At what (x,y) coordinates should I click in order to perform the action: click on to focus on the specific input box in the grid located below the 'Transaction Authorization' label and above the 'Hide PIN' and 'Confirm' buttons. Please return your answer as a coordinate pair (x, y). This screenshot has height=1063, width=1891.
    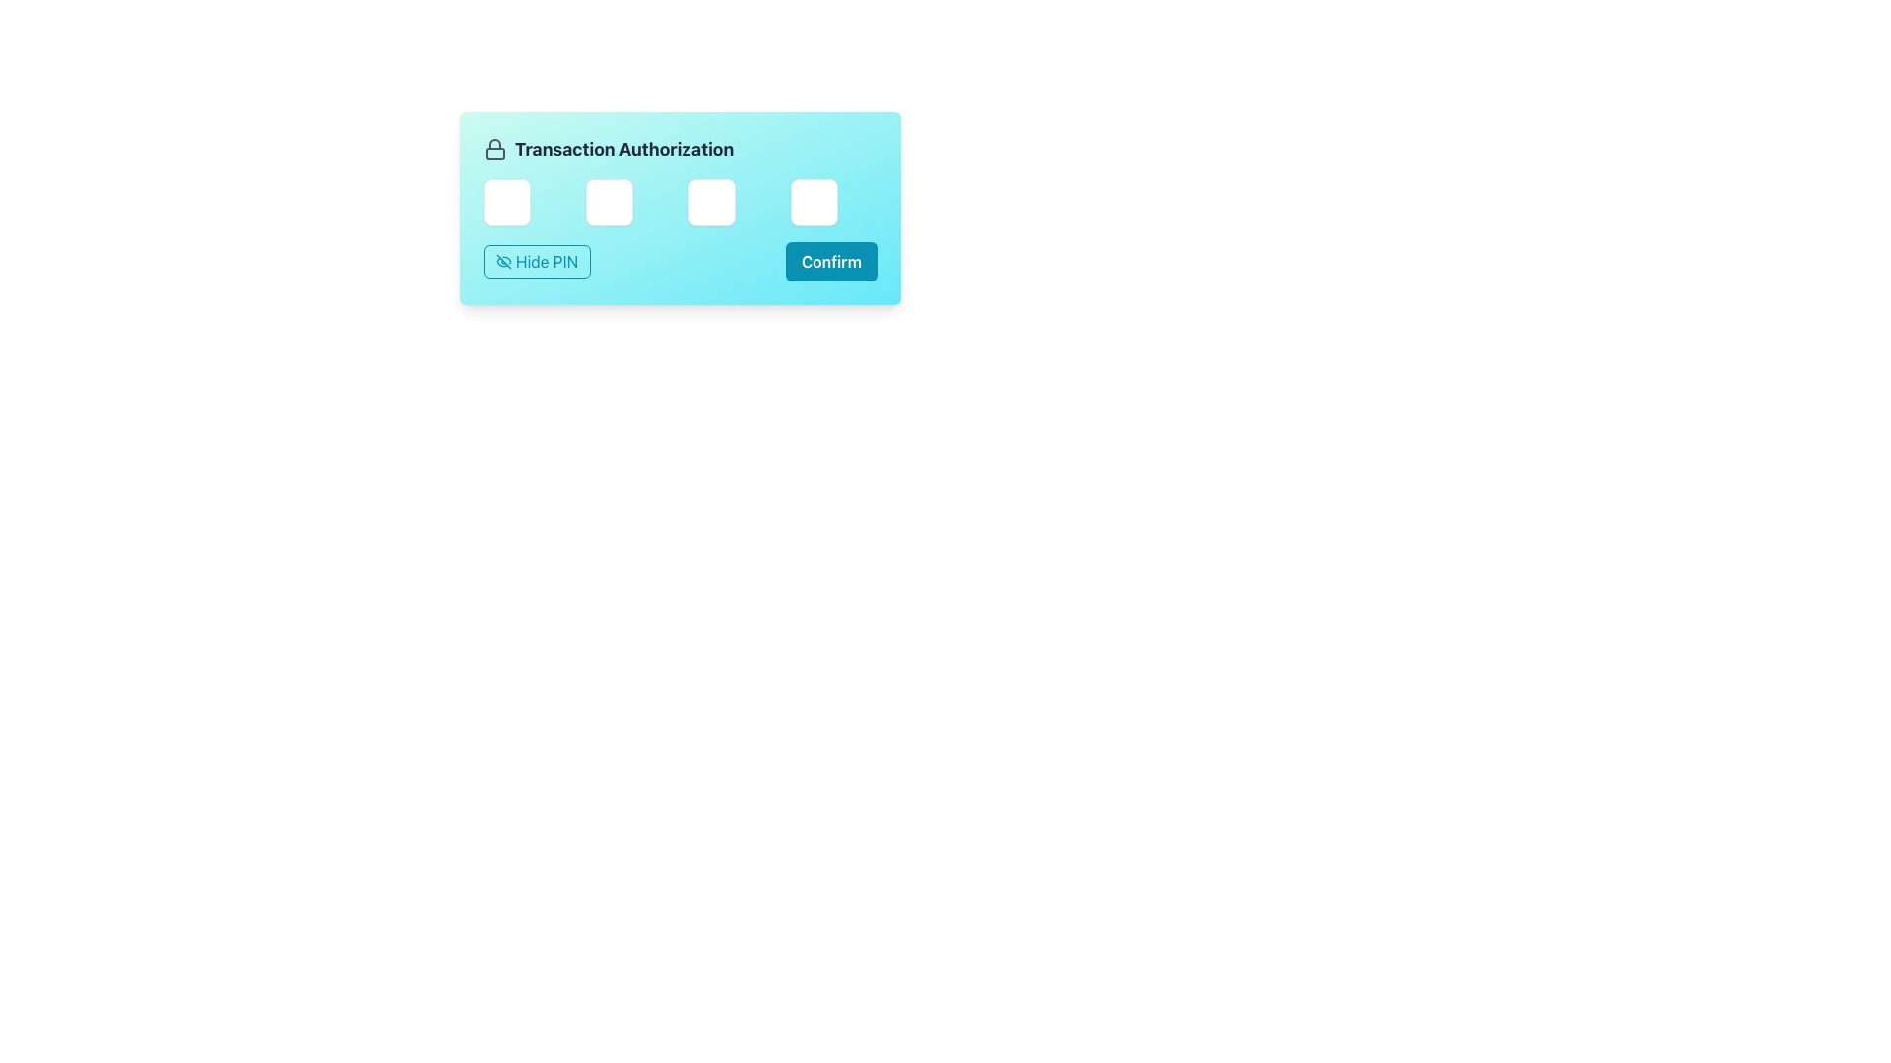
    Looking at the image, I should click on (681, 202).